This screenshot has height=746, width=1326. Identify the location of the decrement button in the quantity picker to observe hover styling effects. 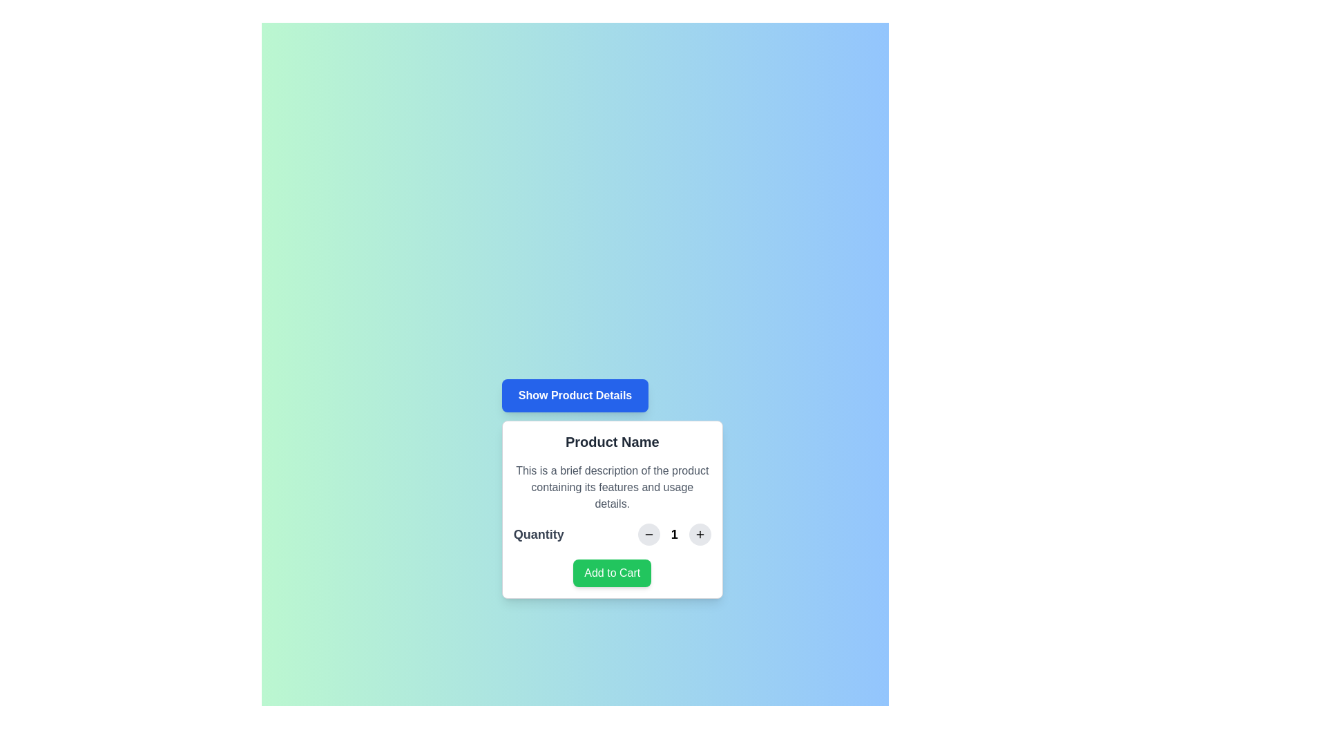
(648, 534).